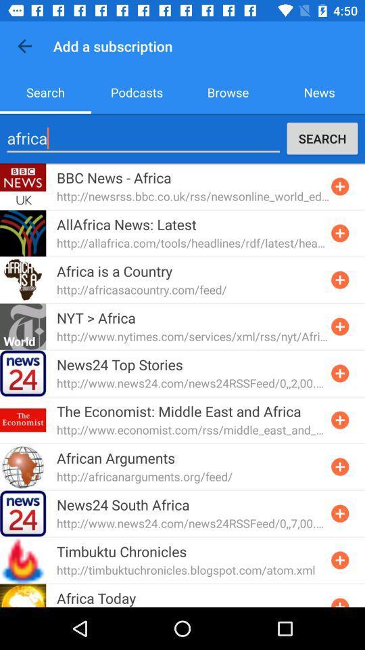  What do you see at coordinates (339, 513) in the screenshot?
I see `news24 subscription` at bounding box center [339, 513].